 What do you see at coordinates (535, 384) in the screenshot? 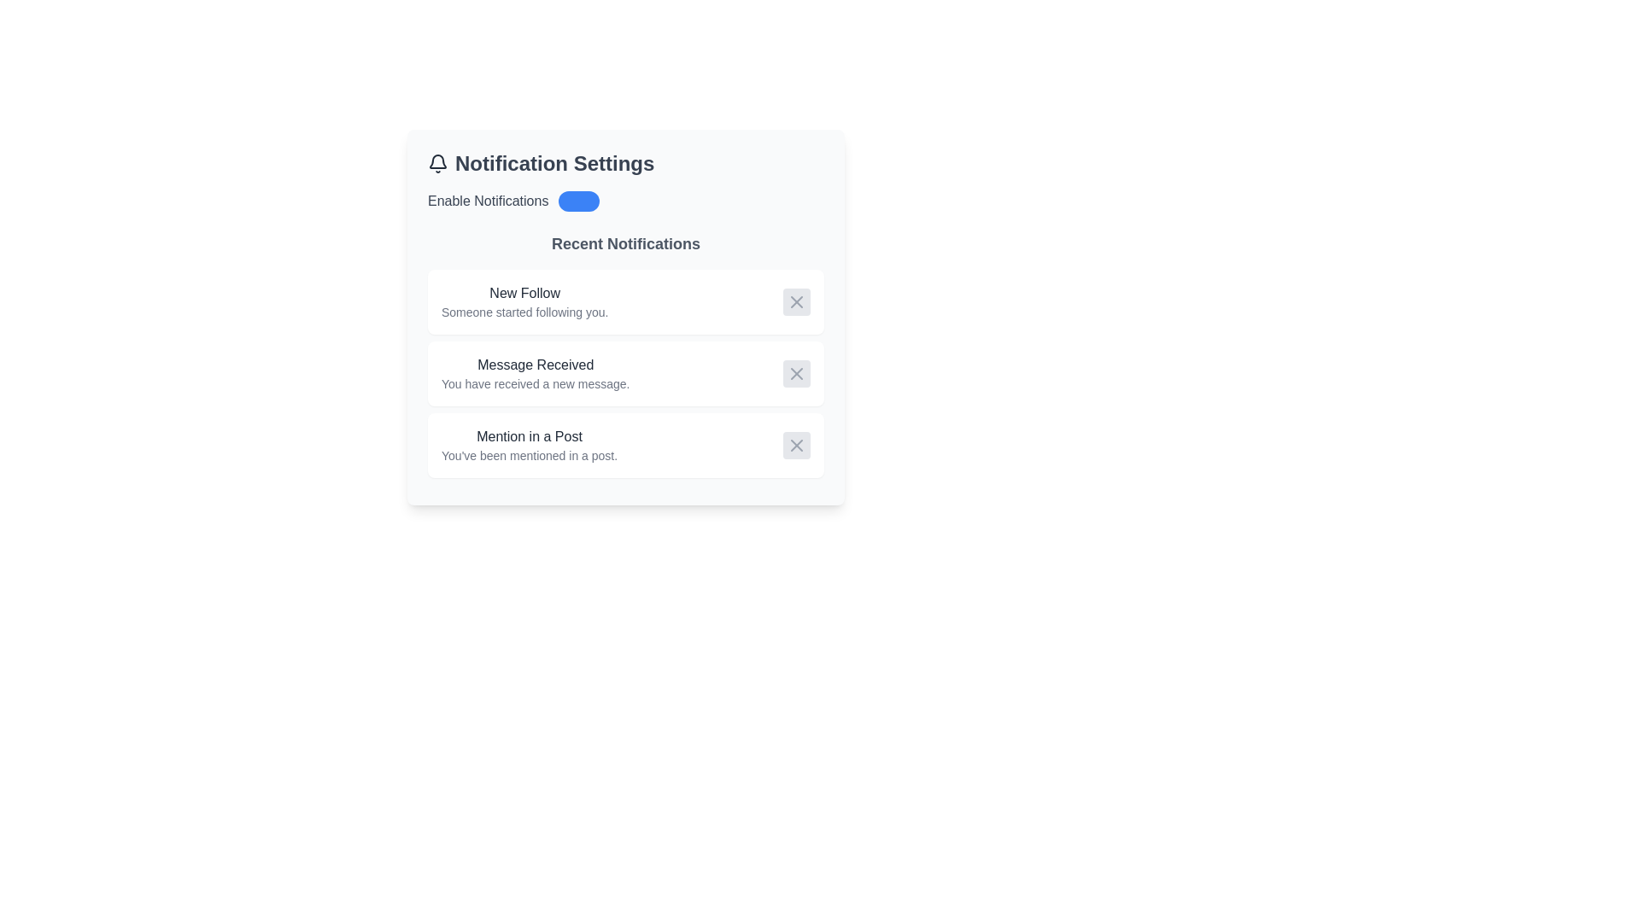
I see `static text that reads 'You have received a new message.' located beneath the heading 'Message Received' in the notification card` at bounding box center [535, 384].